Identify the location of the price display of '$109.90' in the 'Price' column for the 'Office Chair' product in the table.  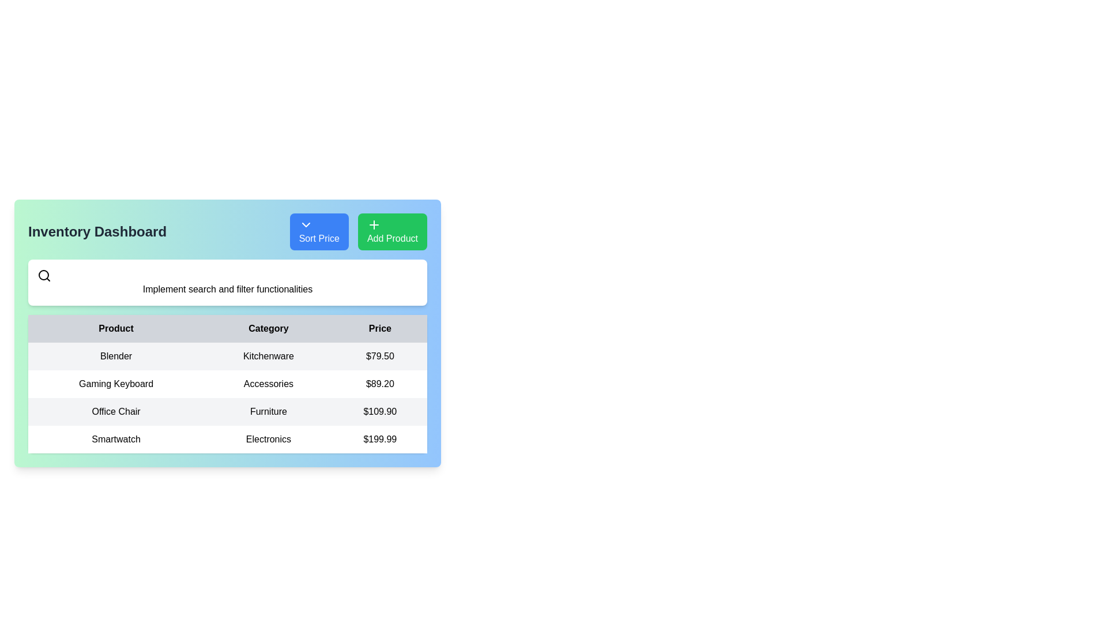
(380, 411).